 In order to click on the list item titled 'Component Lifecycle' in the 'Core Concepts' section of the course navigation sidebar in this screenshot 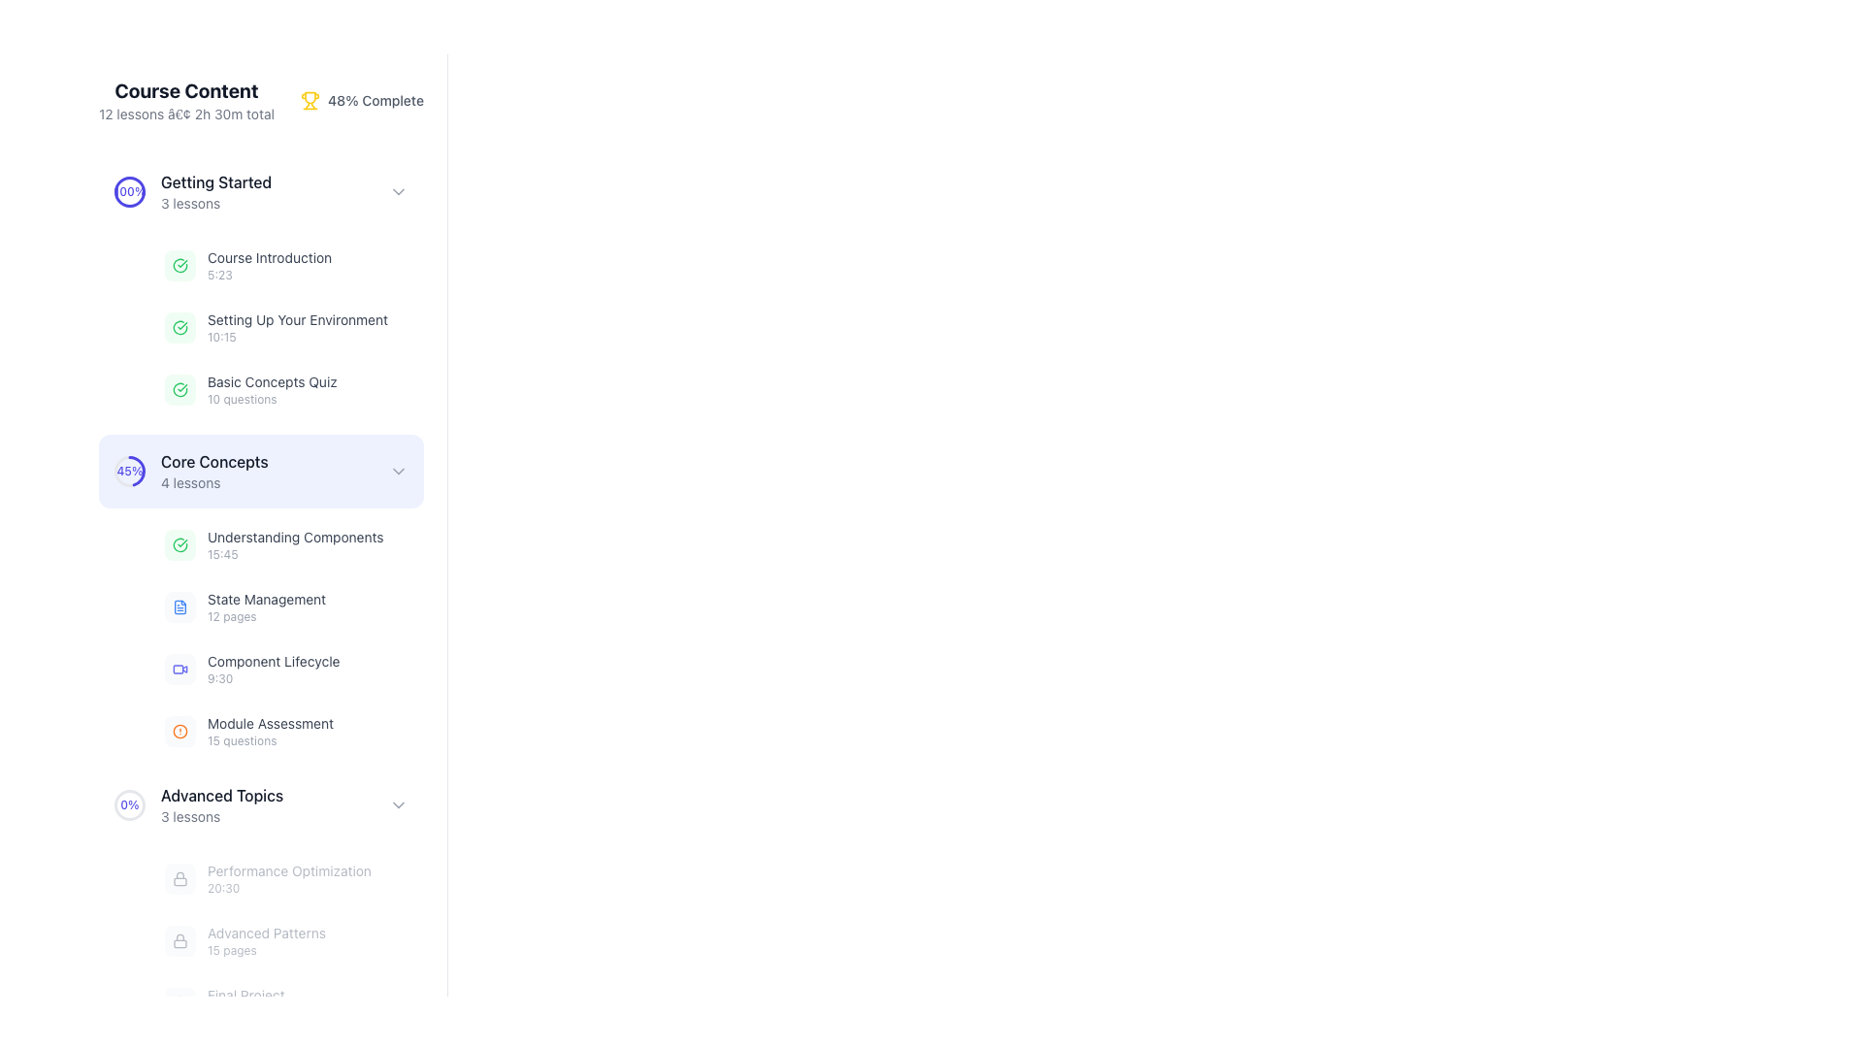, I will do `click(273, 669)`.